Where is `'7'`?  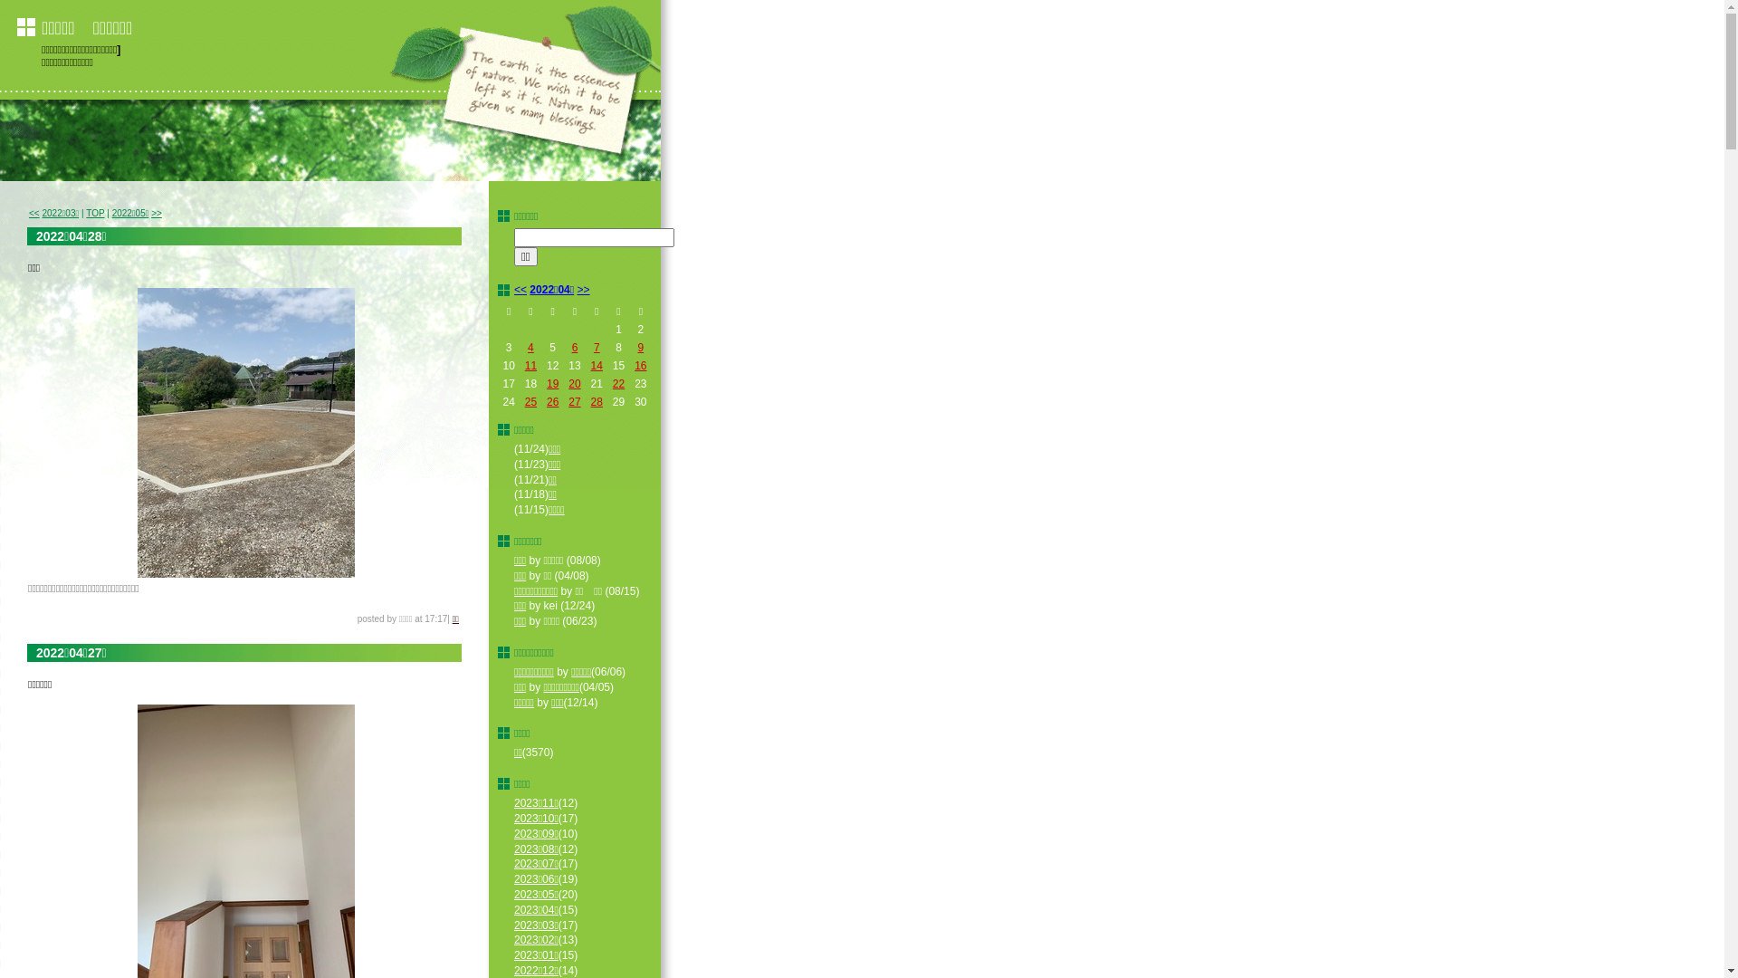
'7' is located at coordinates (597, 348).